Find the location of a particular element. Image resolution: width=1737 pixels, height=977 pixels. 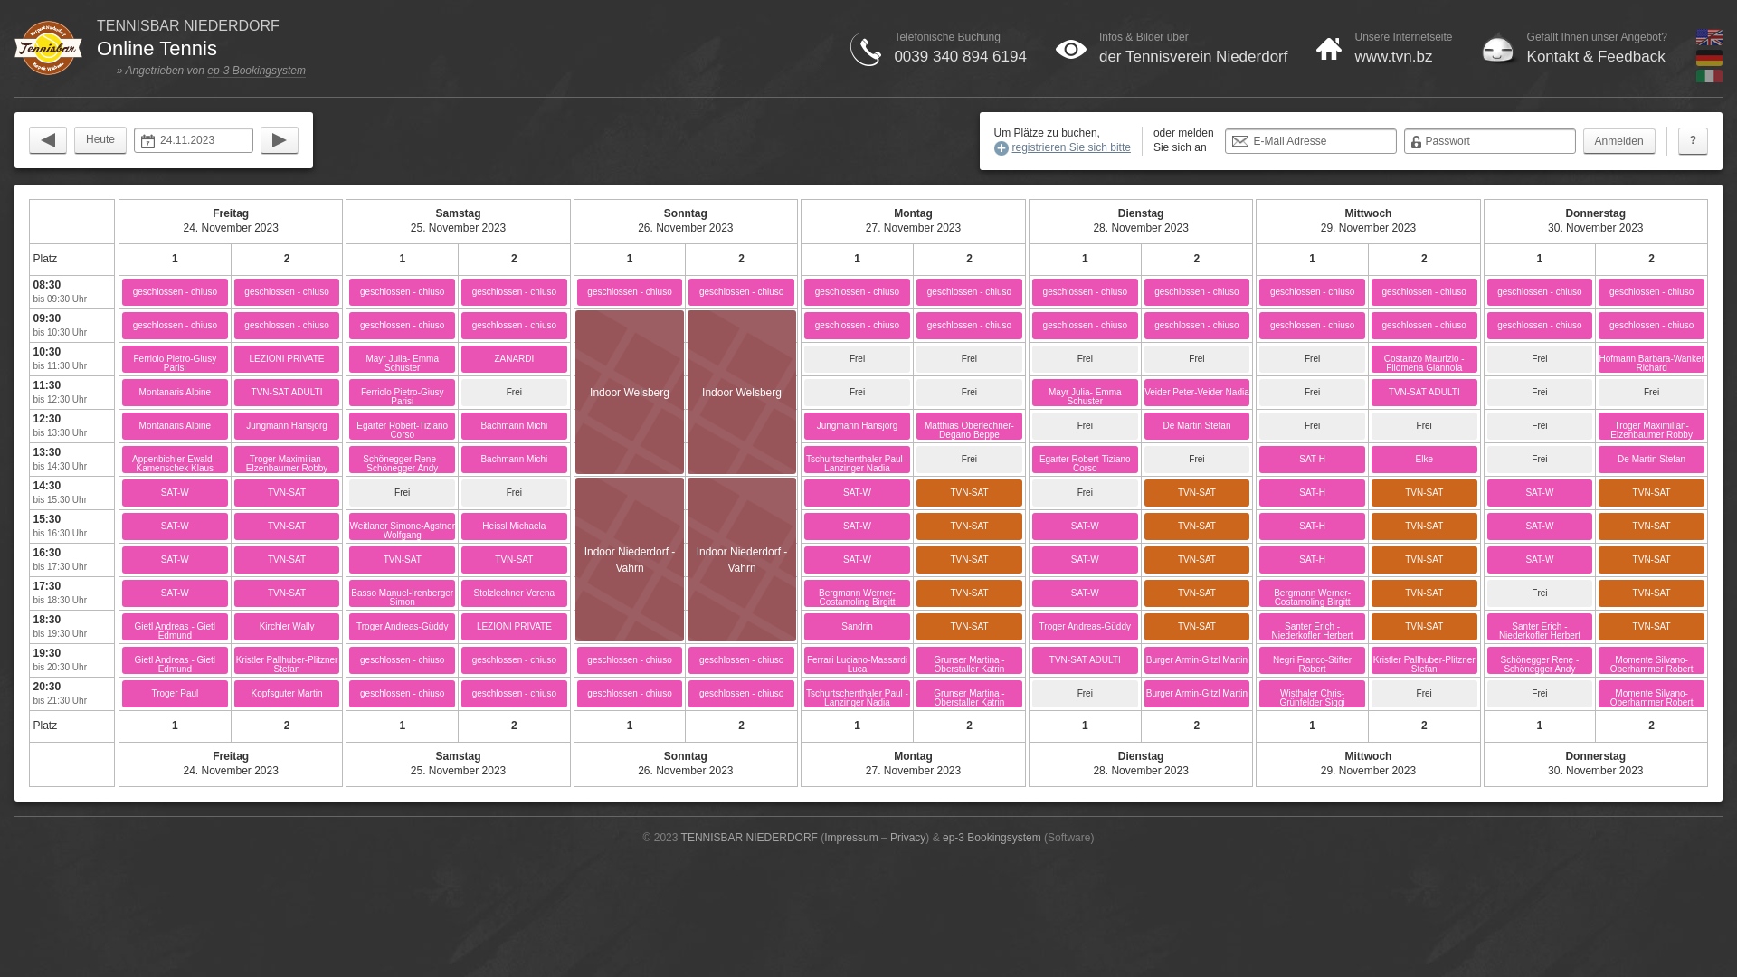

'Ferrari Luciano-Massardi Luca' is located at coordinates (856, 659).